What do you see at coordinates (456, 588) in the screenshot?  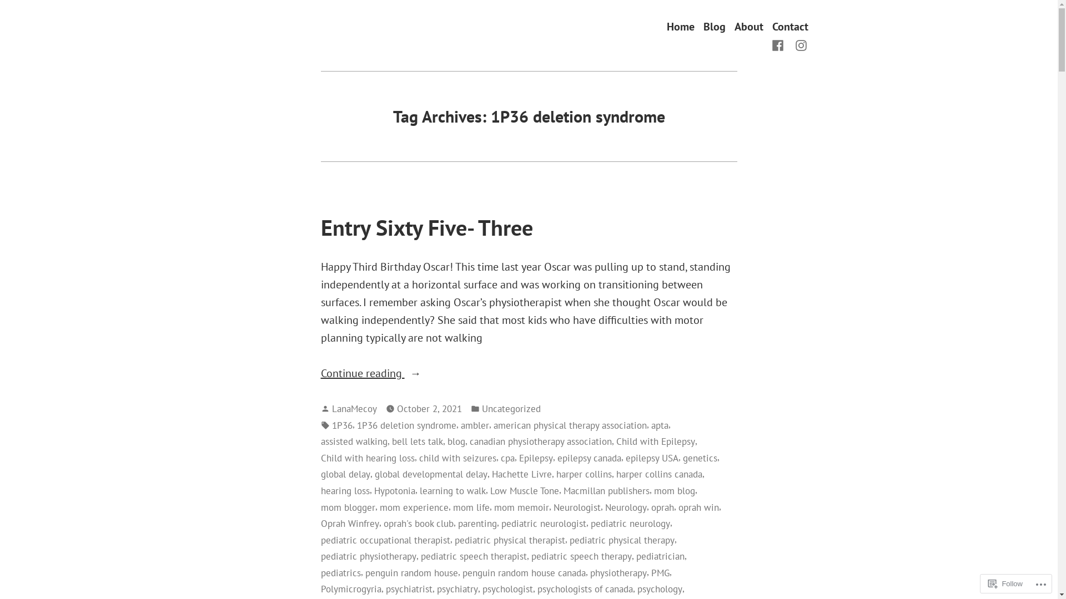 I see `'psychiatry'` at bounding box center [456, 588].